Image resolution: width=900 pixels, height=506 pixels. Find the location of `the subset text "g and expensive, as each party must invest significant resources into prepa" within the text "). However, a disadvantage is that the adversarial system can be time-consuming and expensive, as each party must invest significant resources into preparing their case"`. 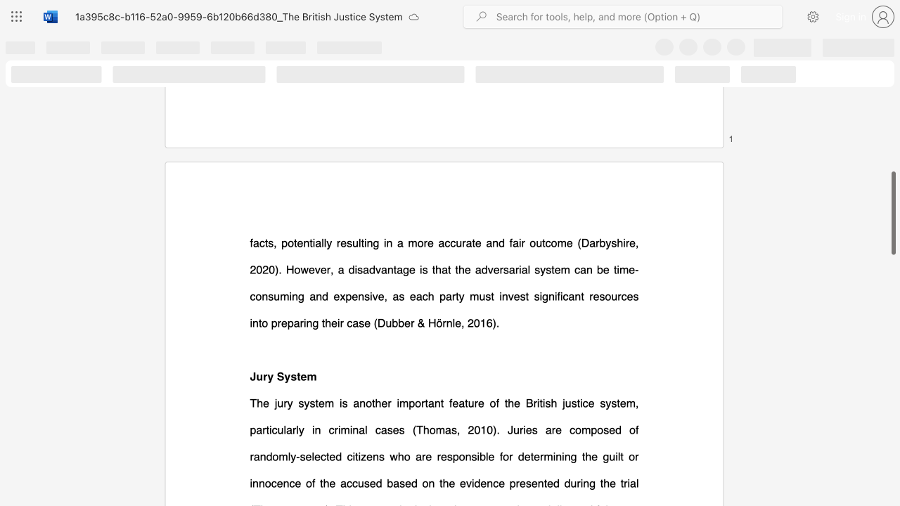

the subset text "g and expensive, as each party must invest significant resources into prepa" within the text "). However, a disadvantage is that the adversarial system can be time-consuming and expensive, as each party must invest significant resources into preparing their case" is located at coordinates (297, 295).